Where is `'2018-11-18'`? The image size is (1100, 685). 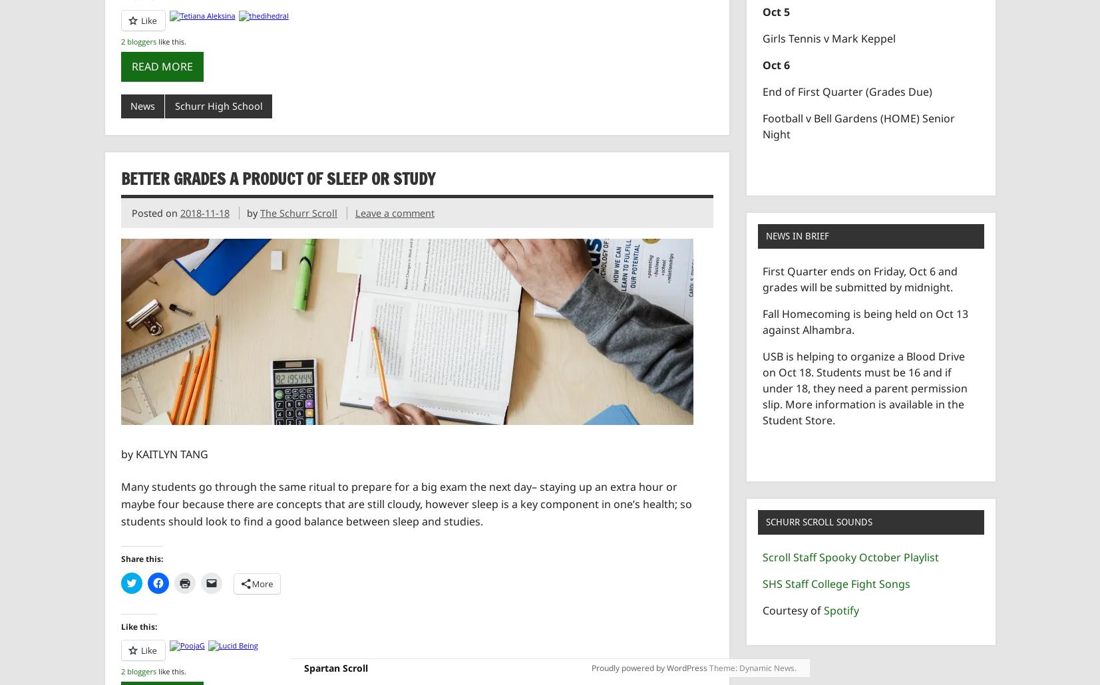
'2018-11-18' is located at coordinates (203, 211).